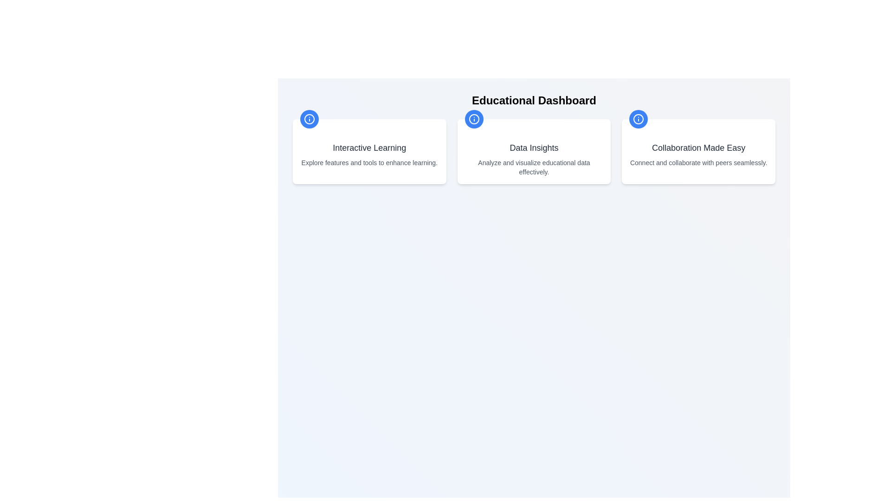  What do you see at coordinates (638, 119) in the screenshot?
I see `the small circular blue icon with a white 'i' symbol located at the top of the 'Collaboration Made Easy' card in the 'Educational Dashboard' section` at bounding box center [638, 119].